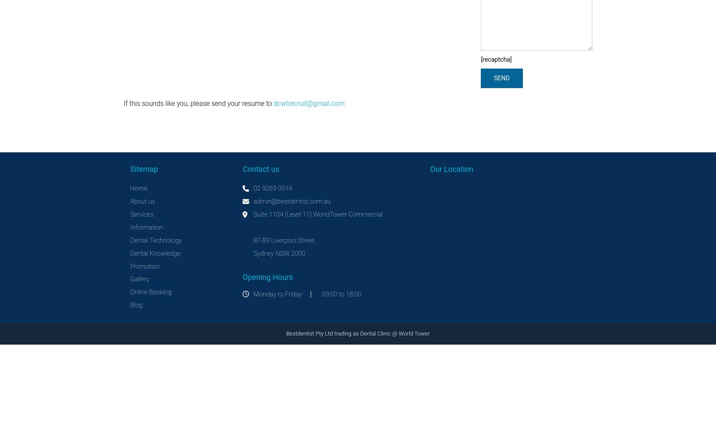  I want to click on 'Online Booking', so click(151, 292).